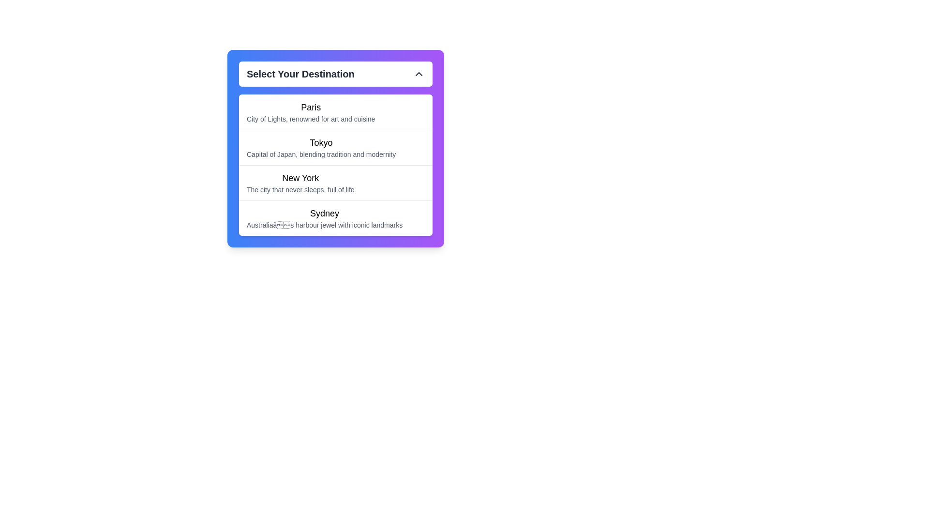 This screenshot has height=523, width=929. Describe the element at coordinates (325, 218) in the screenshot. I see `the text-based informational item titled 'Sydney' that describes 'Australia’s harbour jewel with iconic landmarks', located at the bottom of a vertically stacked list of options` at that location.